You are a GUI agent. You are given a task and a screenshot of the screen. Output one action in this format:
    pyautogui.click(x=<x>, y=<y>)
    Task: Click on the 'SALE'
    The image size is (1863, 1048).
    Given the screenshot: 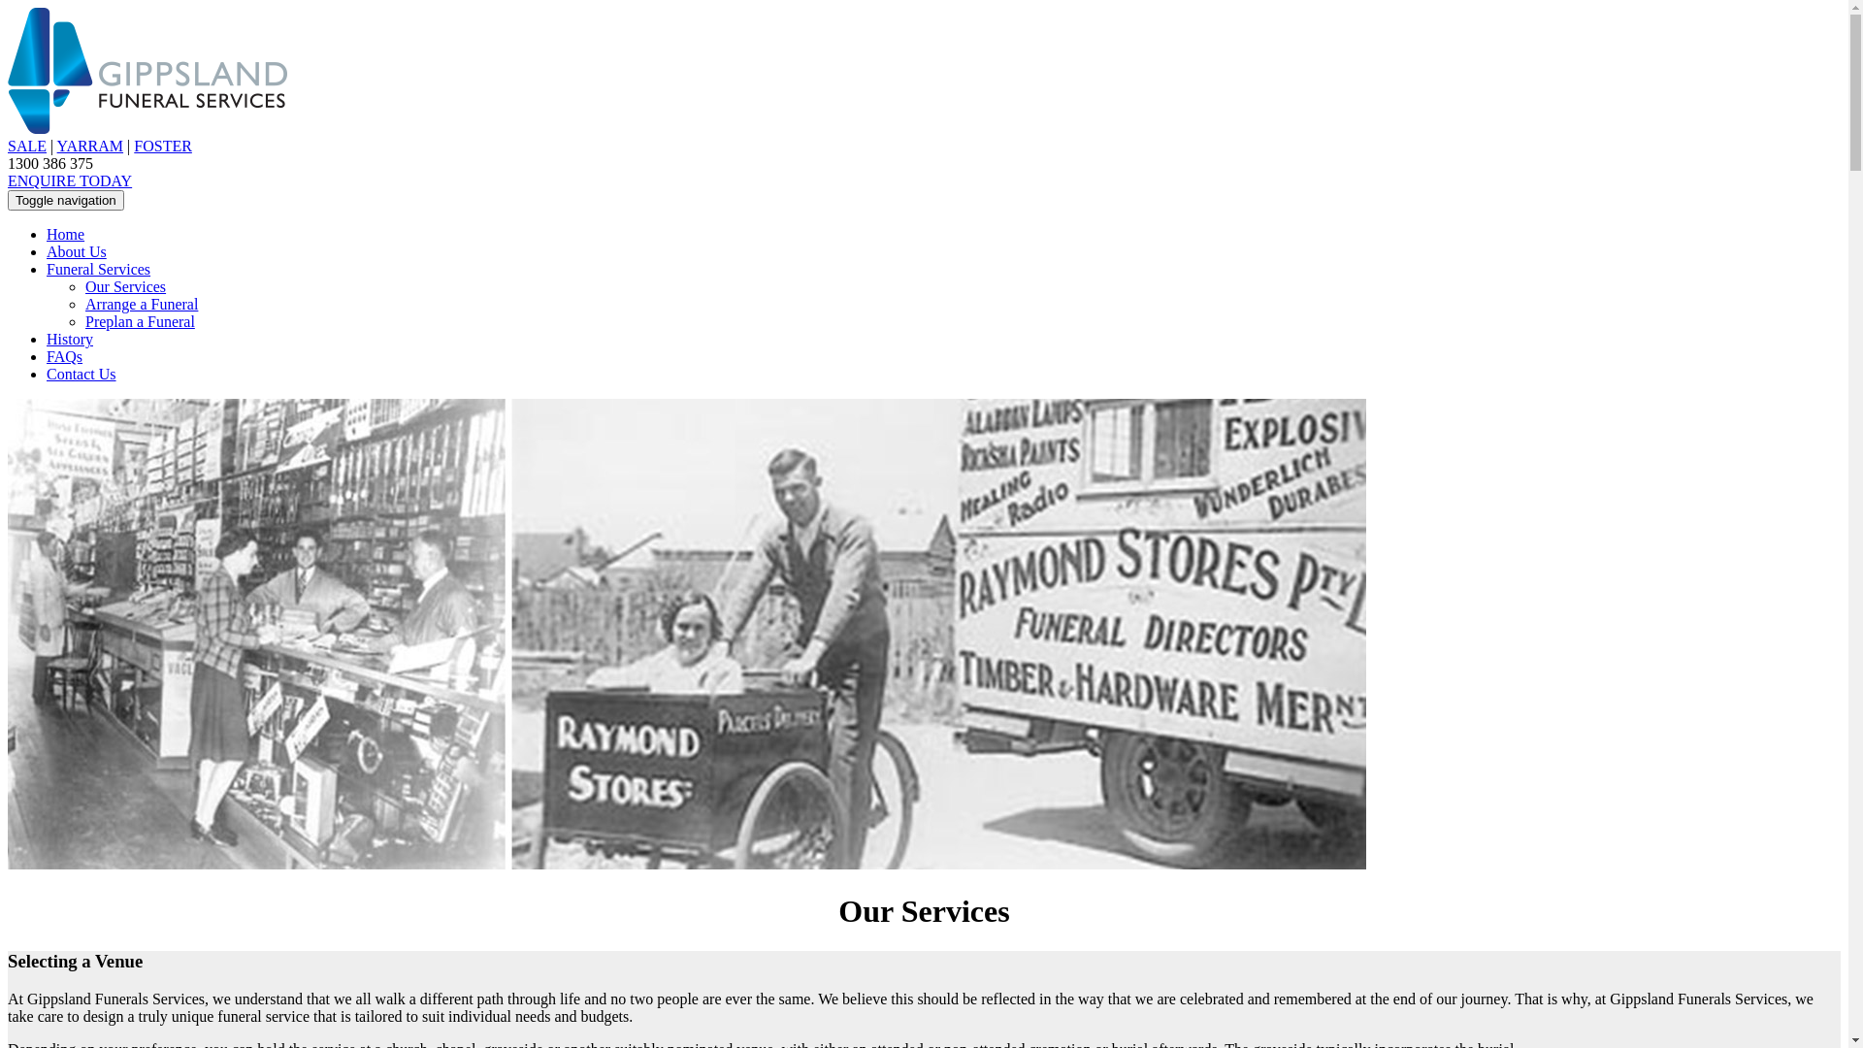 What is the action you would take?
    pyautogui.click(x=8, y=145)
    